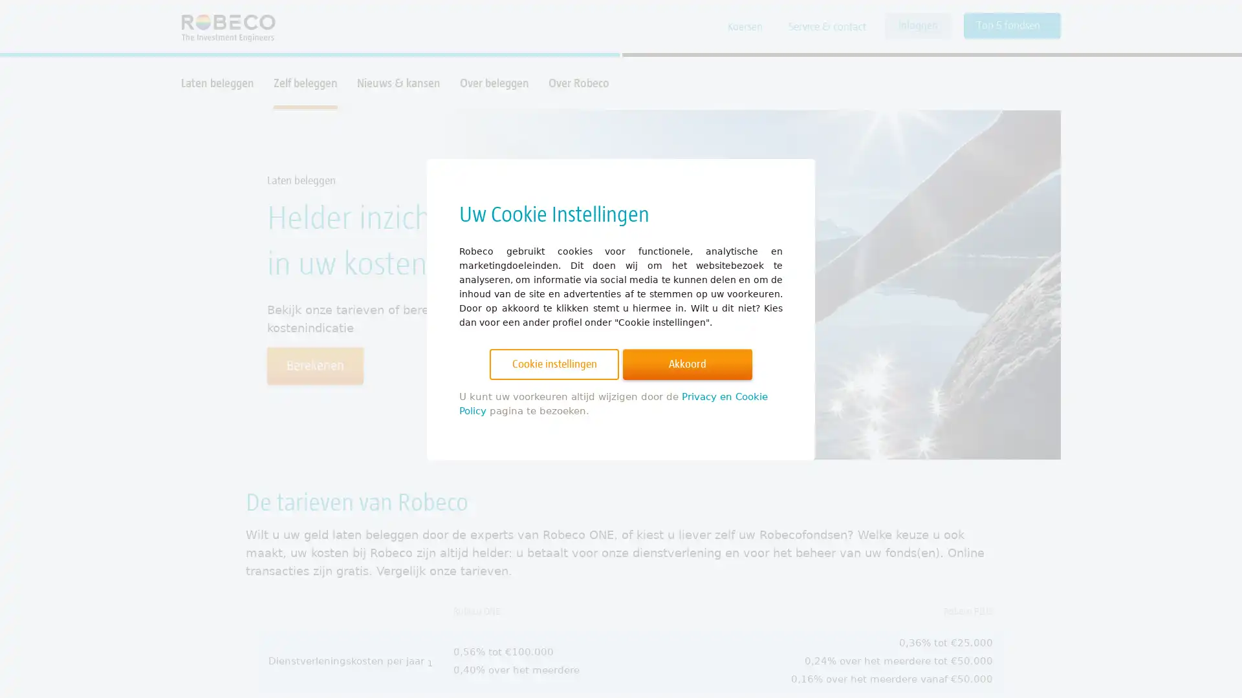 The image size is (1242, 698). I want to click on Nieuws & kansen, so click(398, 83).